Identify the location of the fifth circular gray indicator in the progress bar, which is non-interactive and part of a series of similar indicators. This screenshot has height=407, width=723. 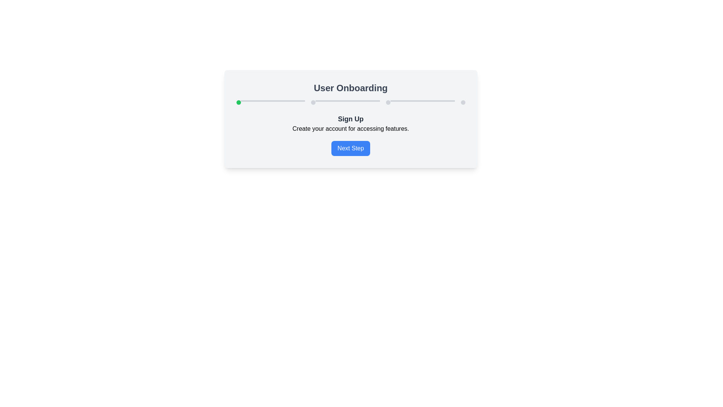
(388, 103).